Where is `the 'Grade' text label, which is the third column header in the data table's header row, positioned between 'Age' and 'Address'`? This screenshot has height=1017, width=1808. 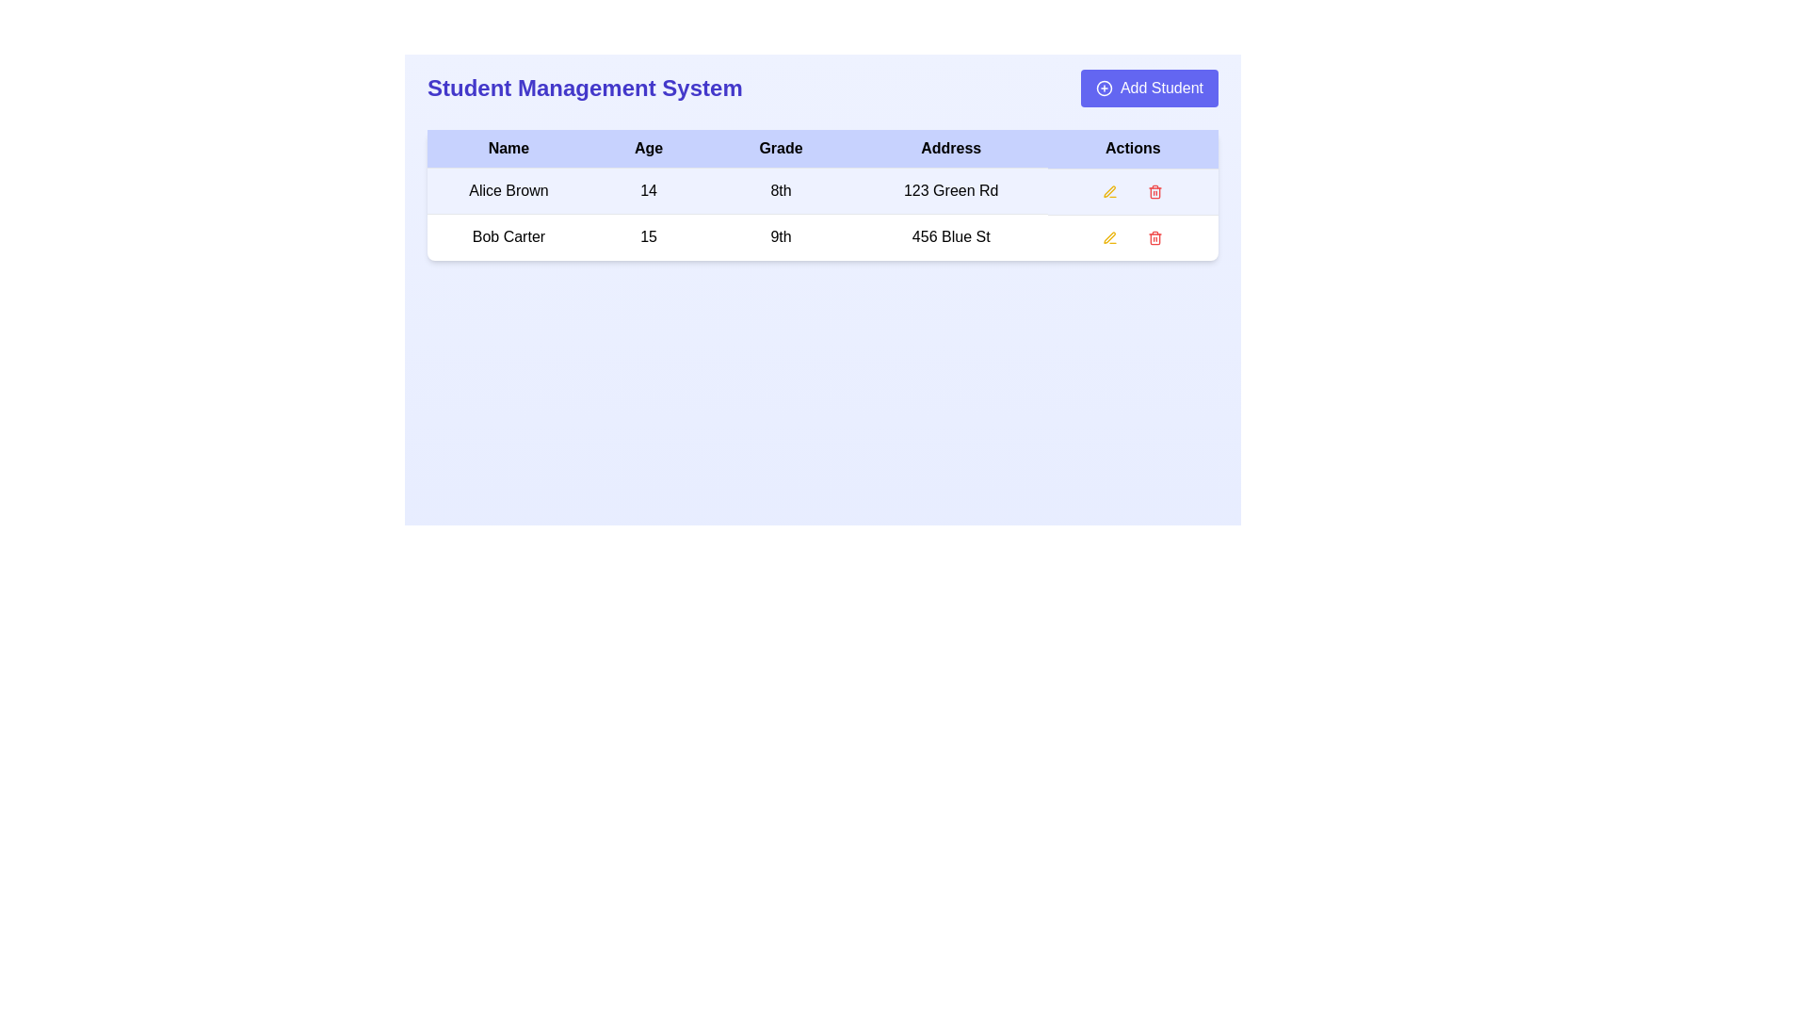 the 'Grade' text label, which is the third column header in the data table's header row, positioned between 'Age' and 'Address' is located at coordinates (781, 148).